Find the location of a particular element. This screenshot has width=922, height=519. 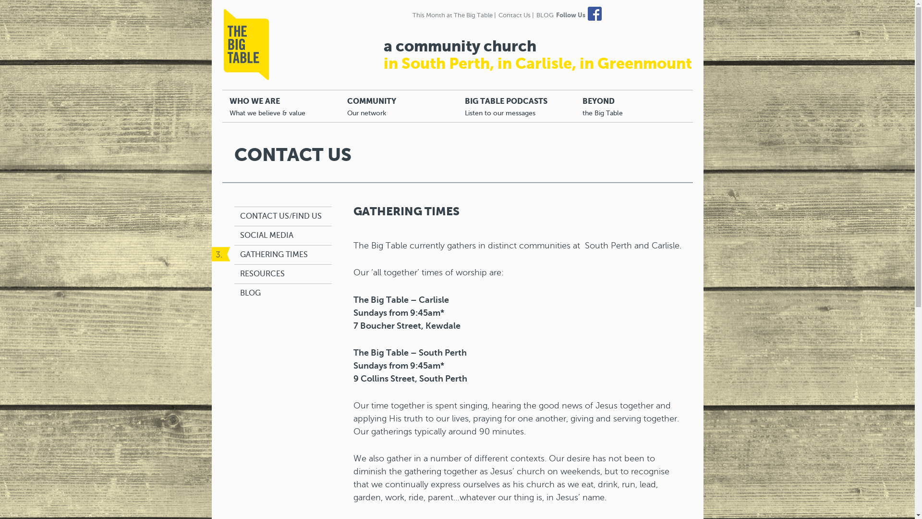

'BLOG' is located at coordinates (250, 293).